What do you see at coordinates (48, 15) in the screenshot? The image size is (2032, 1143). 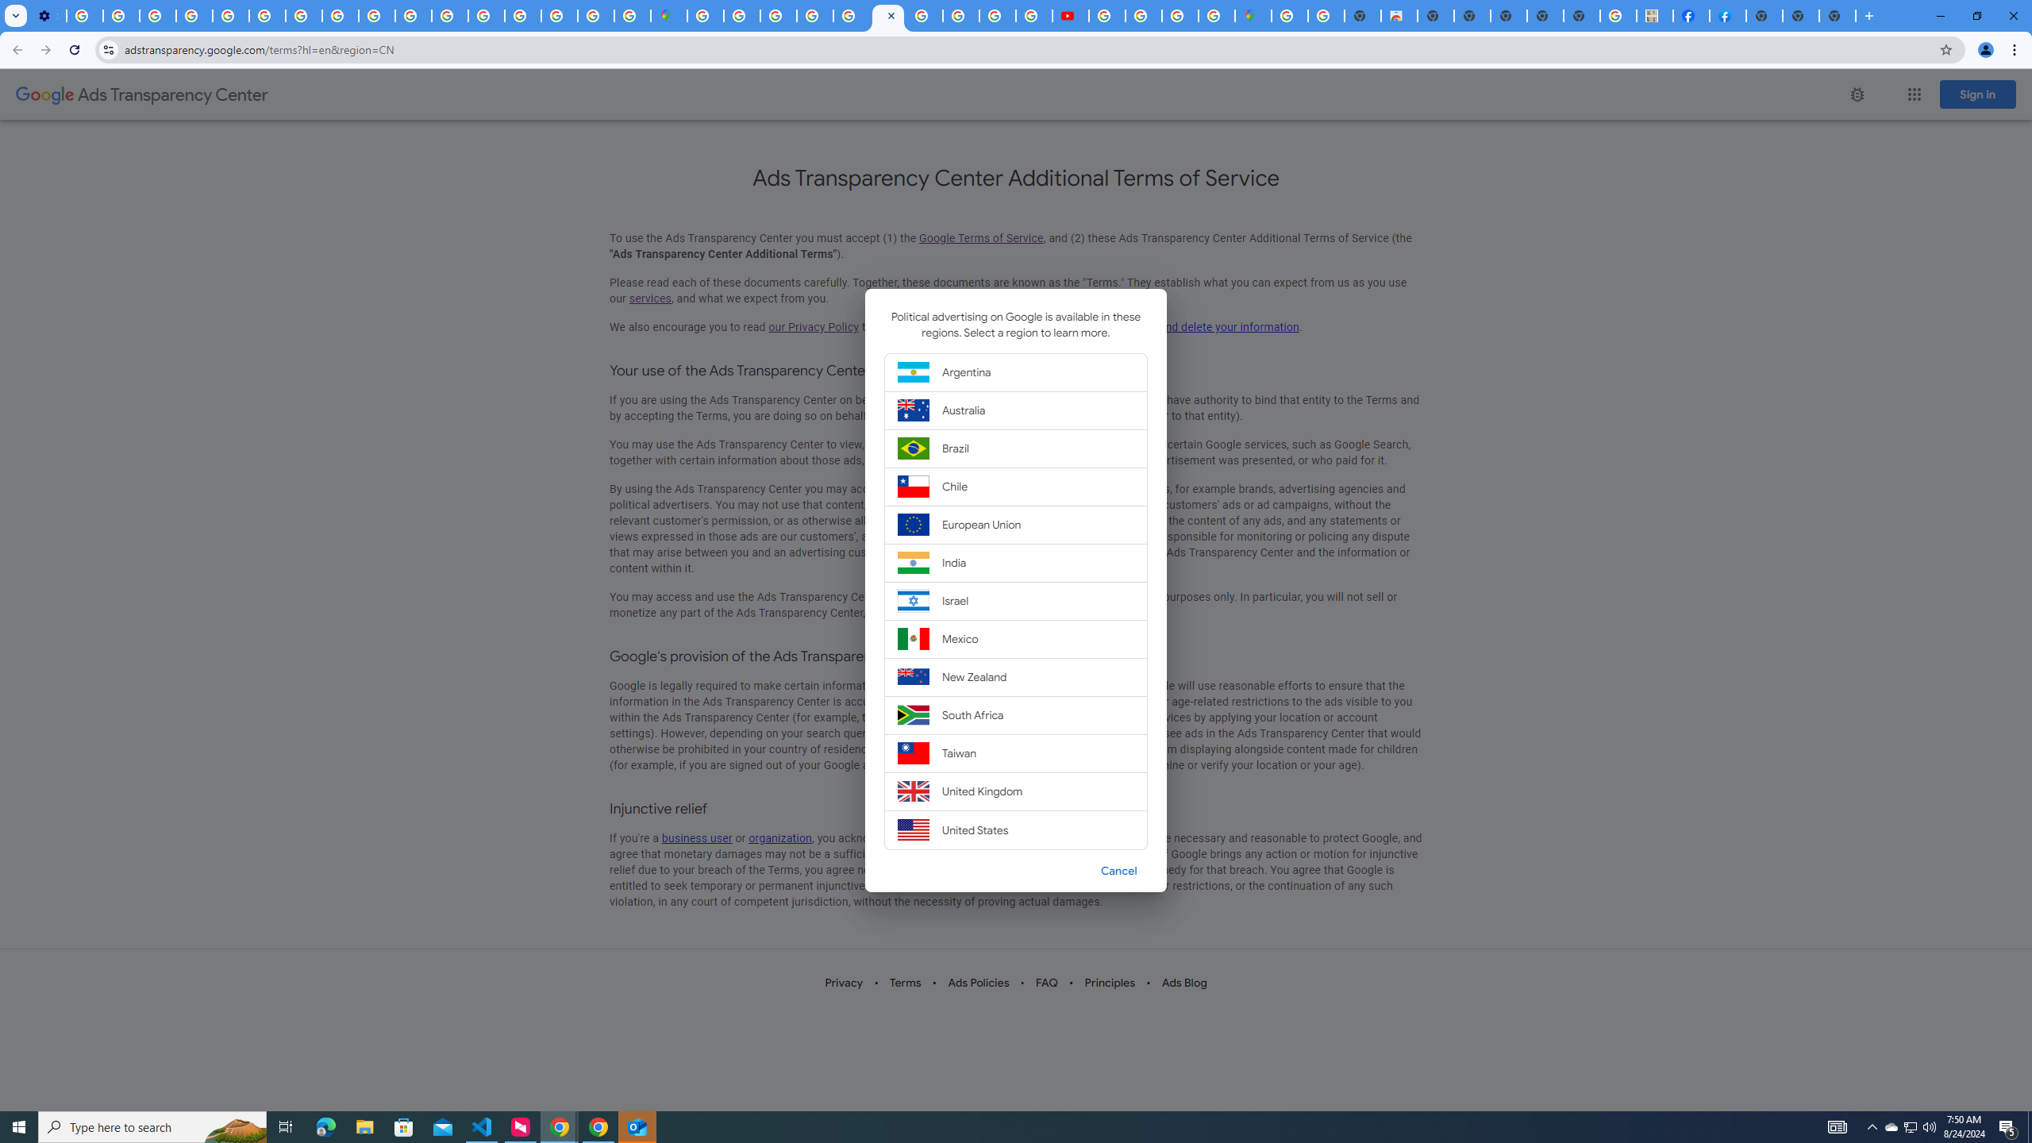 I see `'Settings - Customize profile'` at bounding box center [48, 15].